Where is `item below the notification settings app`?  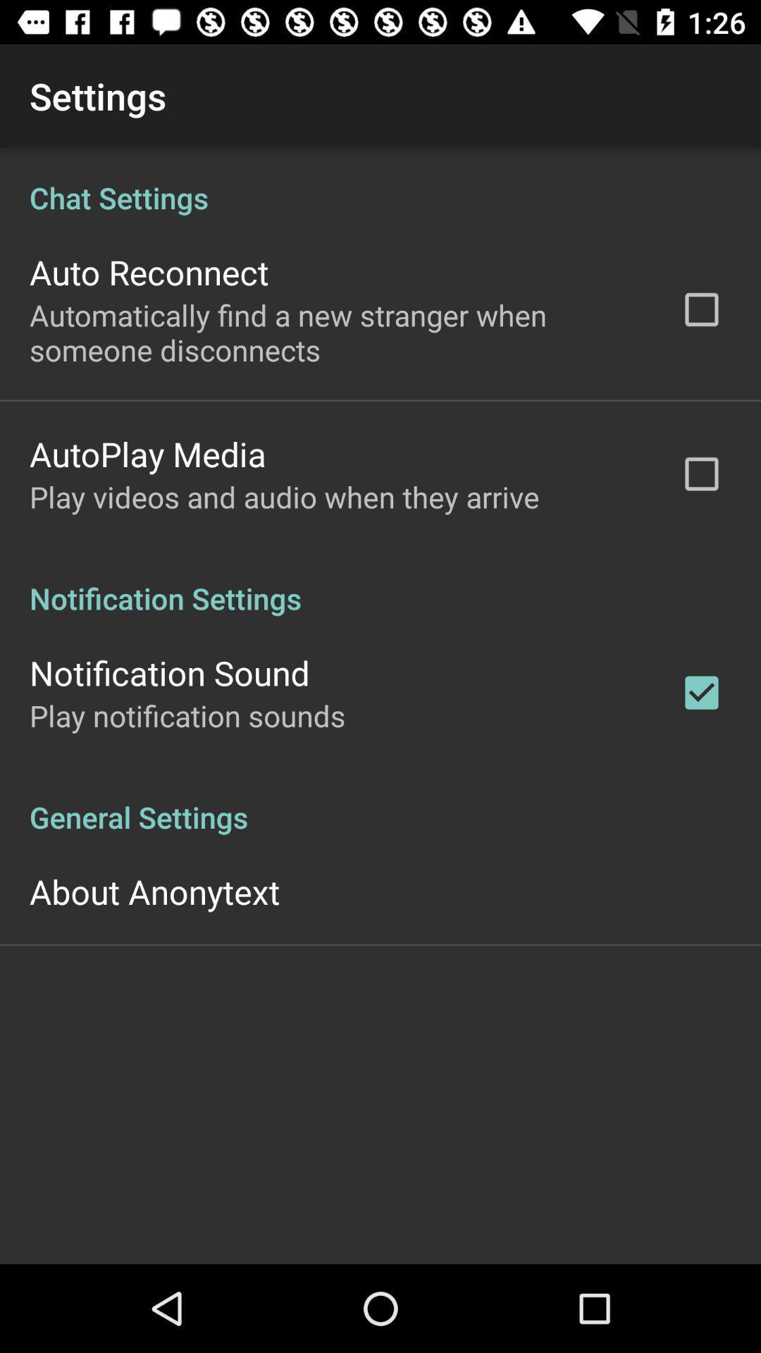 item below the notification settings app is located at coordinates (168, 672).